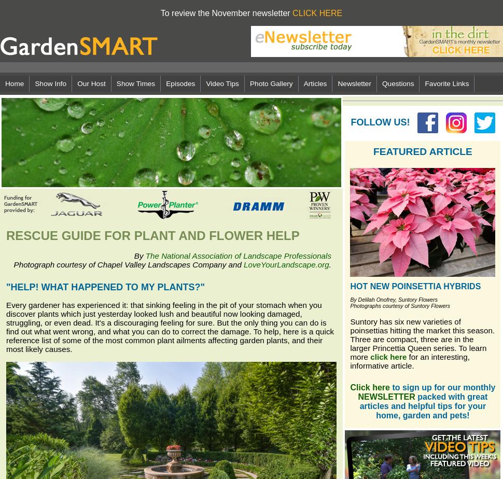  I want to click on 'click here', so click(388, 356).